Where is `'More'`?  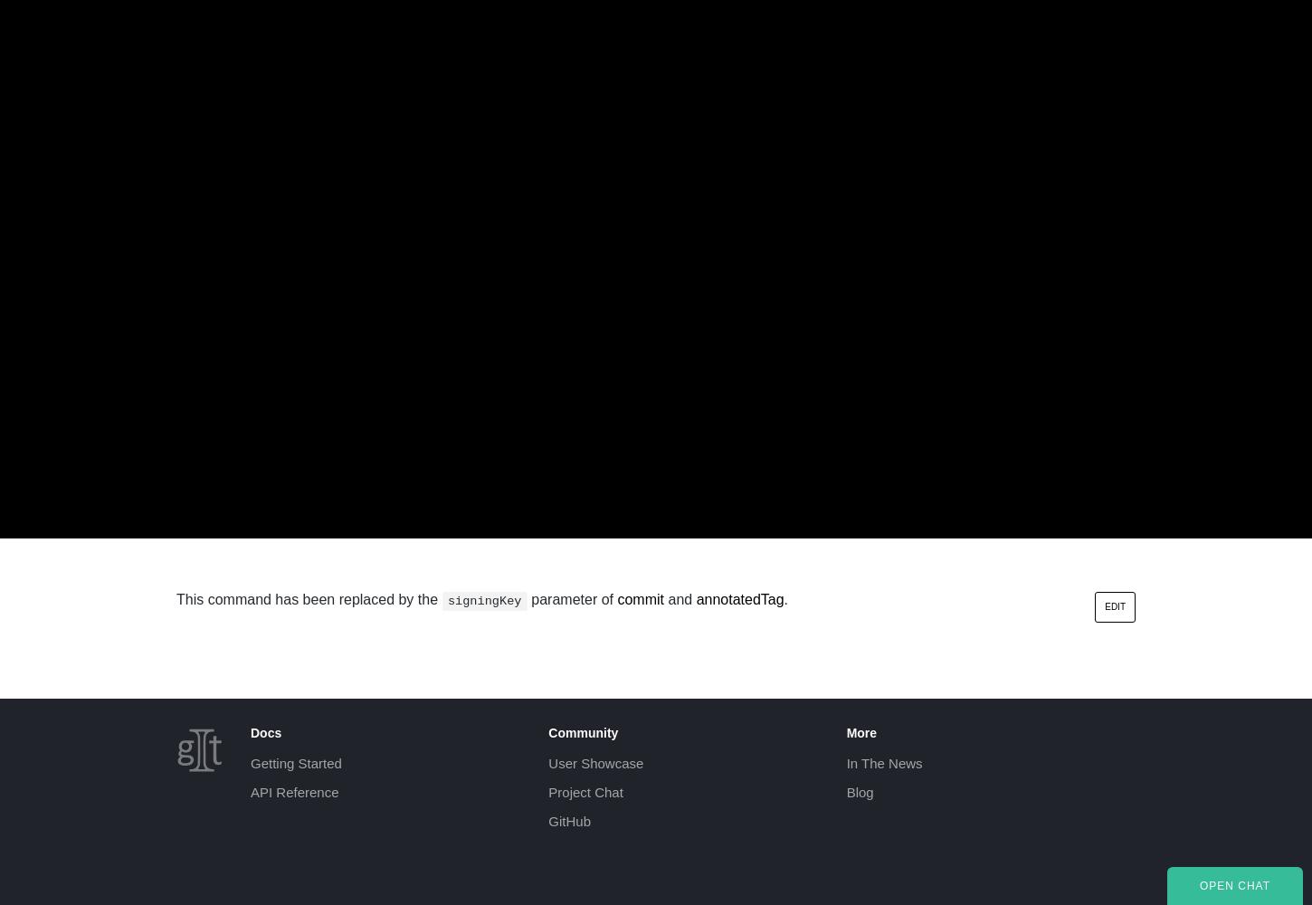
'More' is located at coordinates (860, 732).